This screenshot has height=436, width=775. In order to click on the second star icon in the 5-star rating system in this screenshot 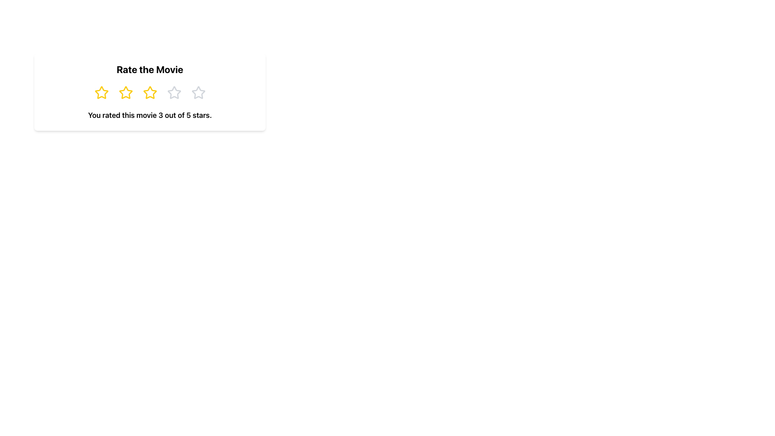, I will do `click(125, 92)`.